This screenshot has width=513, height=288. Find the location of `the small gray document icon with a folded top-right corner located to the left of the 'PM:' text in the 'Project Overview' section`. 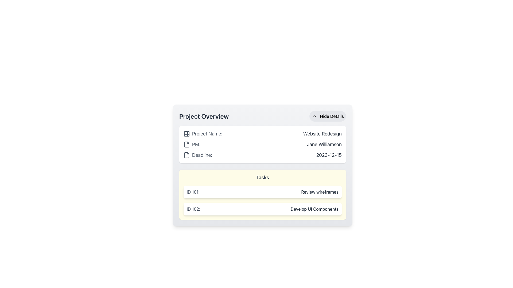

the small gray document icon with a folded top-right corner located to the left of the 'PM:' text in the 'Project Overview' section is located at coordinates (187, 145).